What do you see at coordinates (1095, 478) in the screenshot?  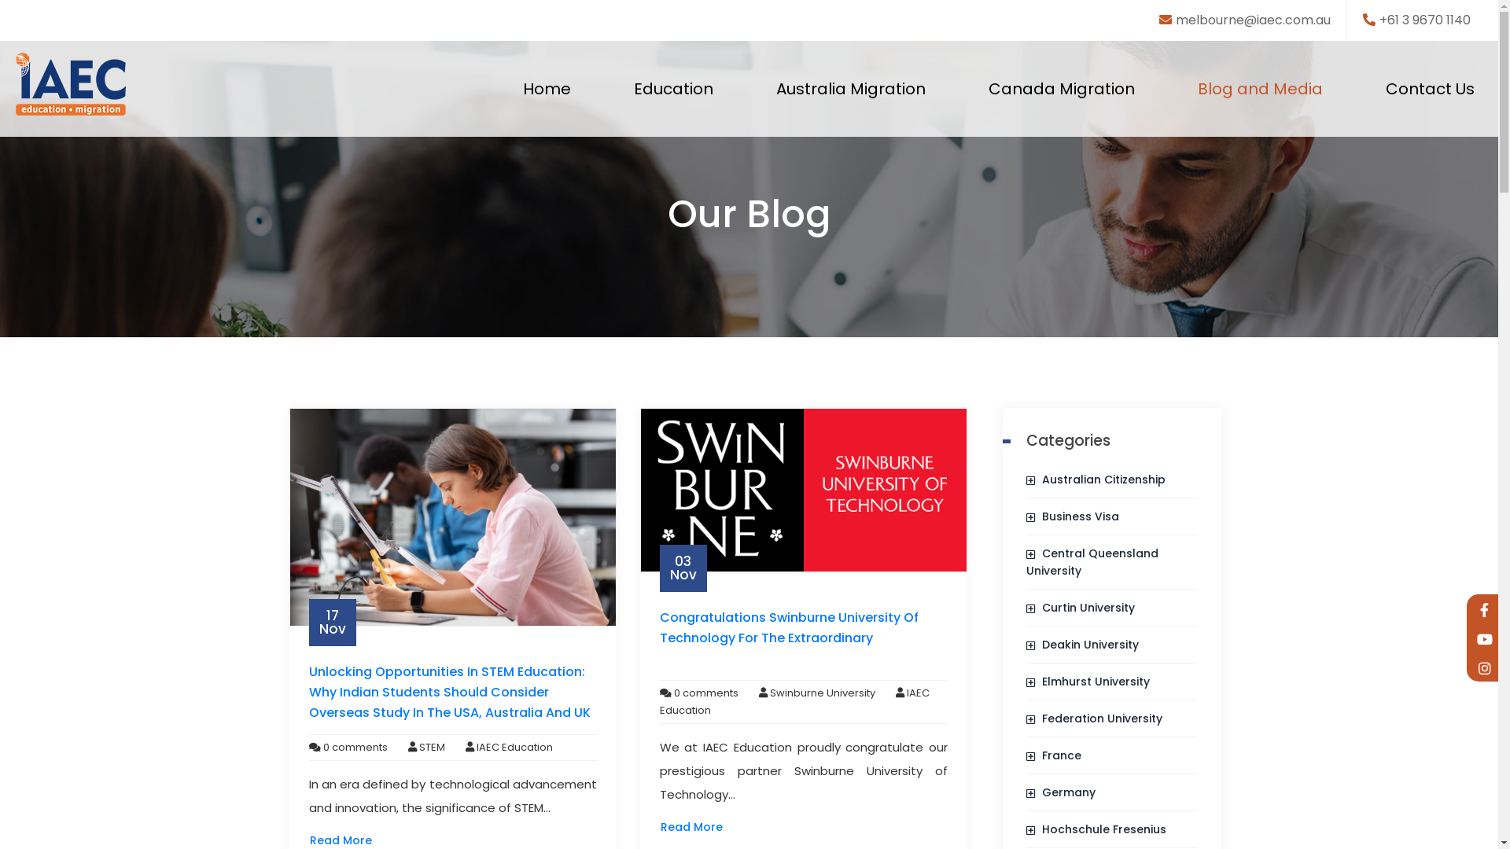 I see `'Australian Citizenship'` at bounding box center [1095, 478].